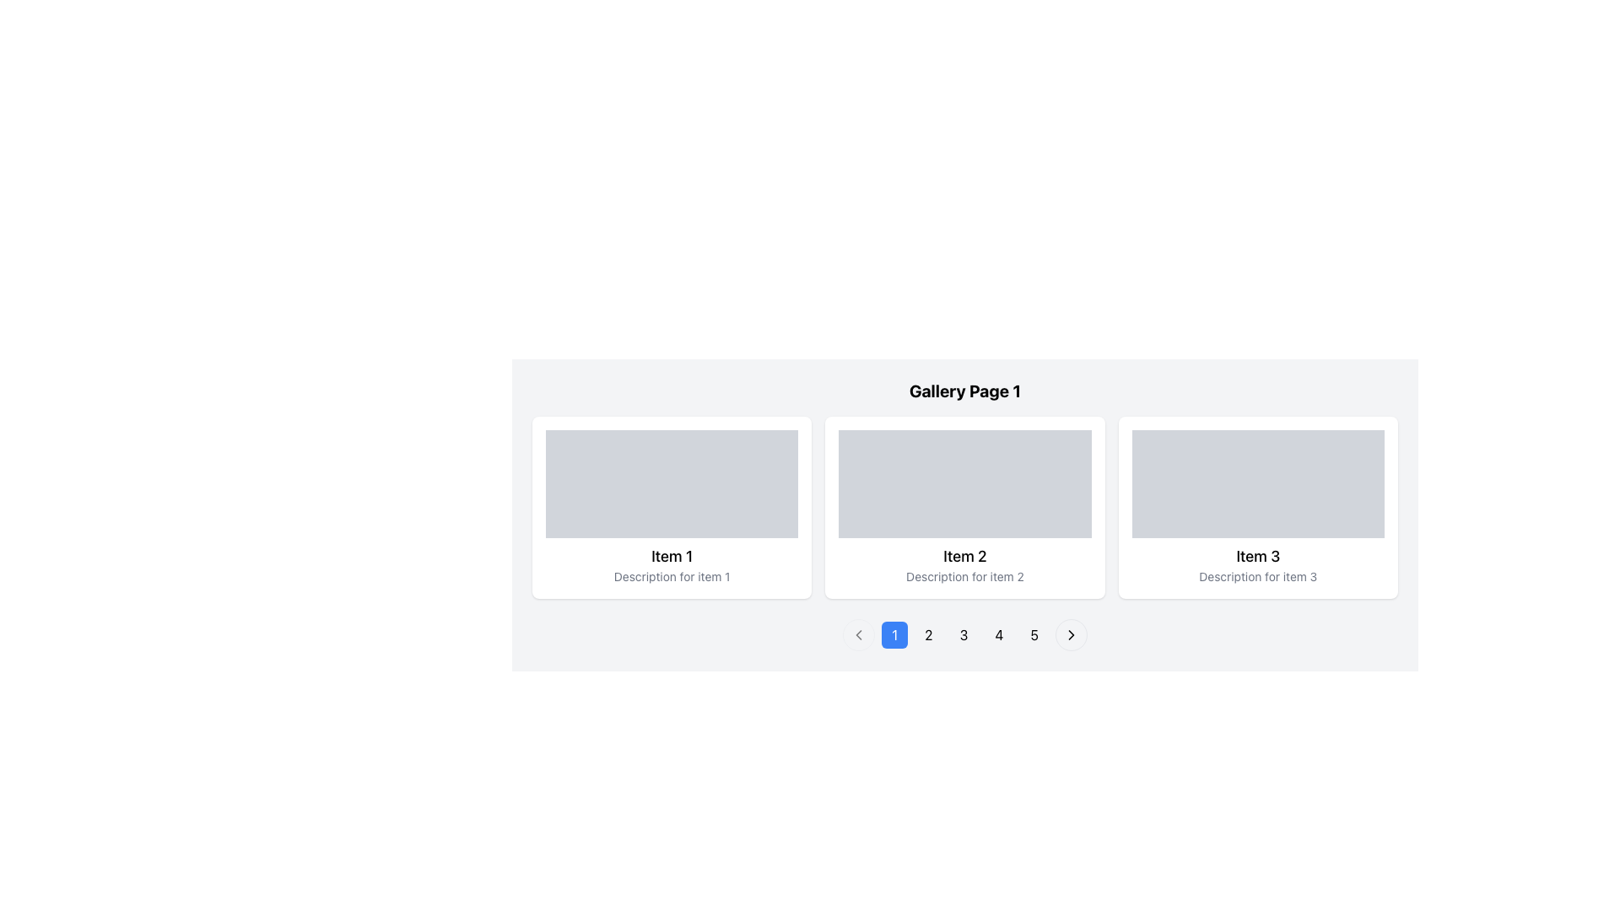 The image size is (1620, 911). I want to click on the button displaying the number '4', which is styled as a rounded rectangle and located among other numbered navigation buttons in a horizontal row, so click(999, 634).